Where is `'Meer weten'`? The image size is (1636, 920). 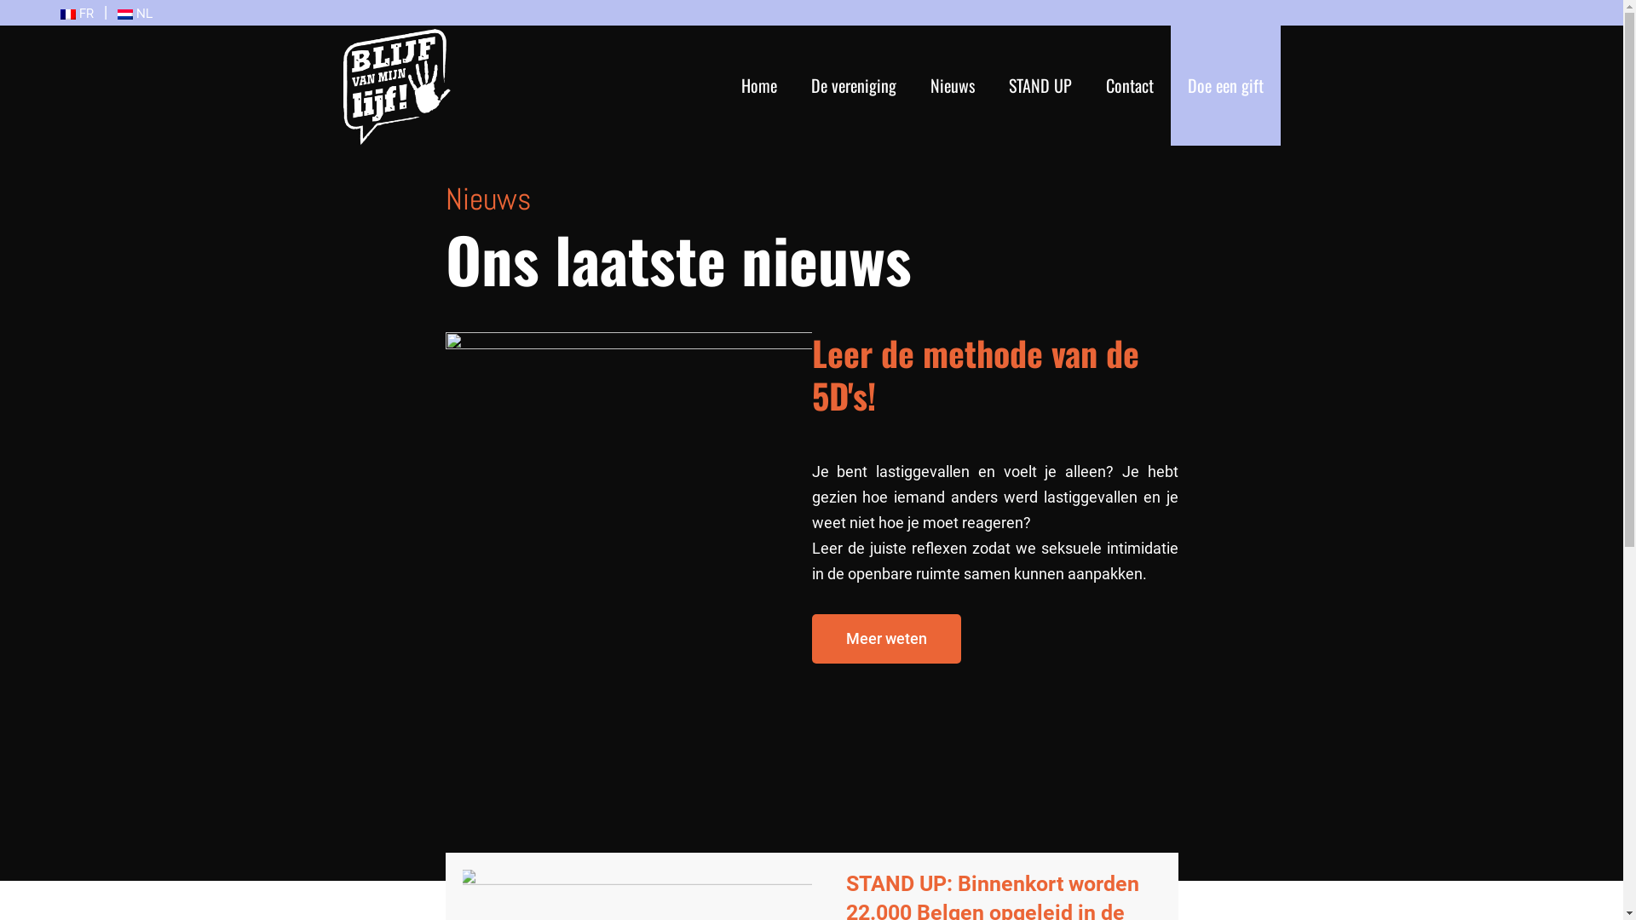
'Meer weten' is located at coordinates (885, 637).